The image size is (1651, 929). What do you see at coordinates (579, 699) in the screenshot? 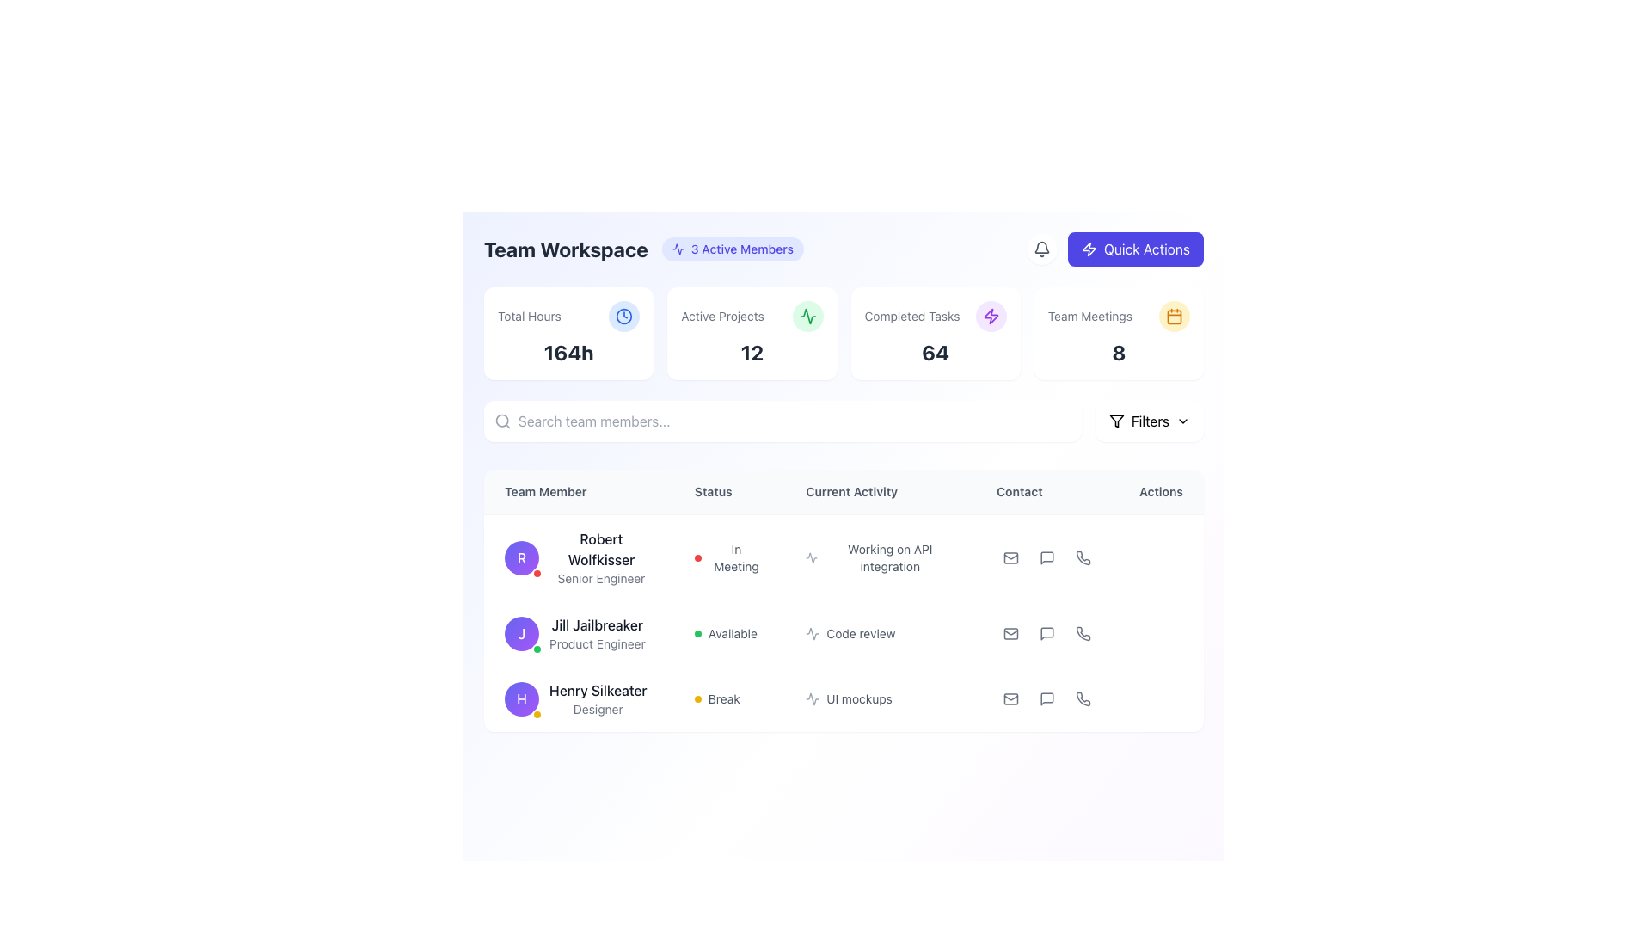
I see `the Profile card item for 'Henry Silkeater' in the 'Team Member' section` at bounding box center [579, 699].